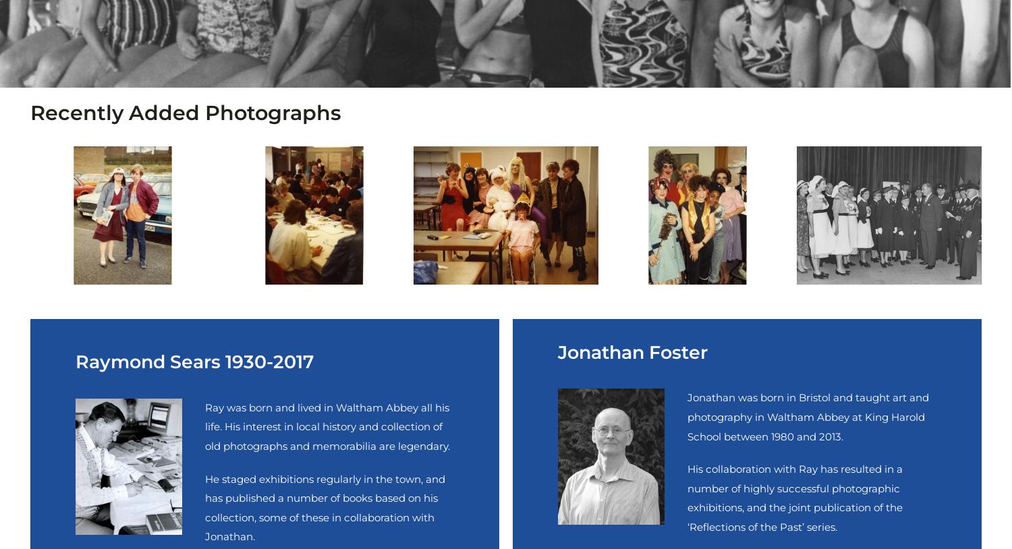 The width and height of the screenshot is (1012, 549). What do you see at coordinates (198, 285) in the screenshot?
I see `'Copyright © Reflections of the Past 2008 - 2023. All rights reserved.'` at bounding box center [198, 285].